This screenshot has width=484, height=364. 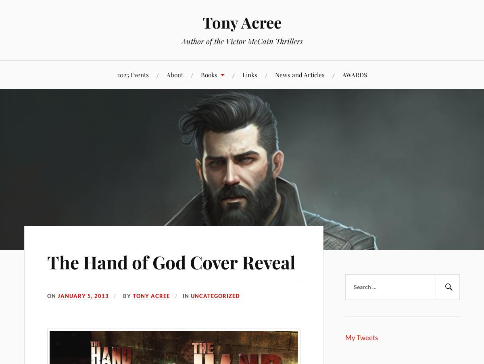 I want to click on 'My Tweets', so click(x=361, y=337).